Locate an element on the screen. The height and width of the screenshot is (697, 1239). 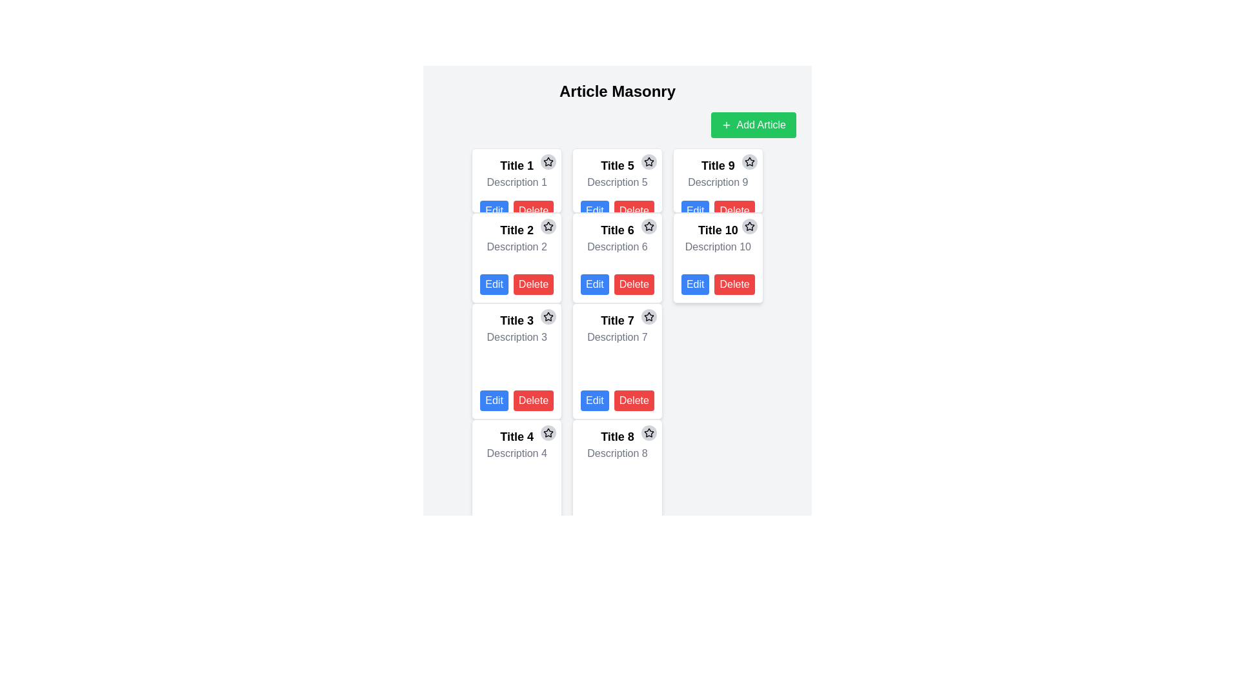
the icon button located in the upper-right corner of the card labeled 'Title 7' to interact with it is located at coordinates (649, 316).